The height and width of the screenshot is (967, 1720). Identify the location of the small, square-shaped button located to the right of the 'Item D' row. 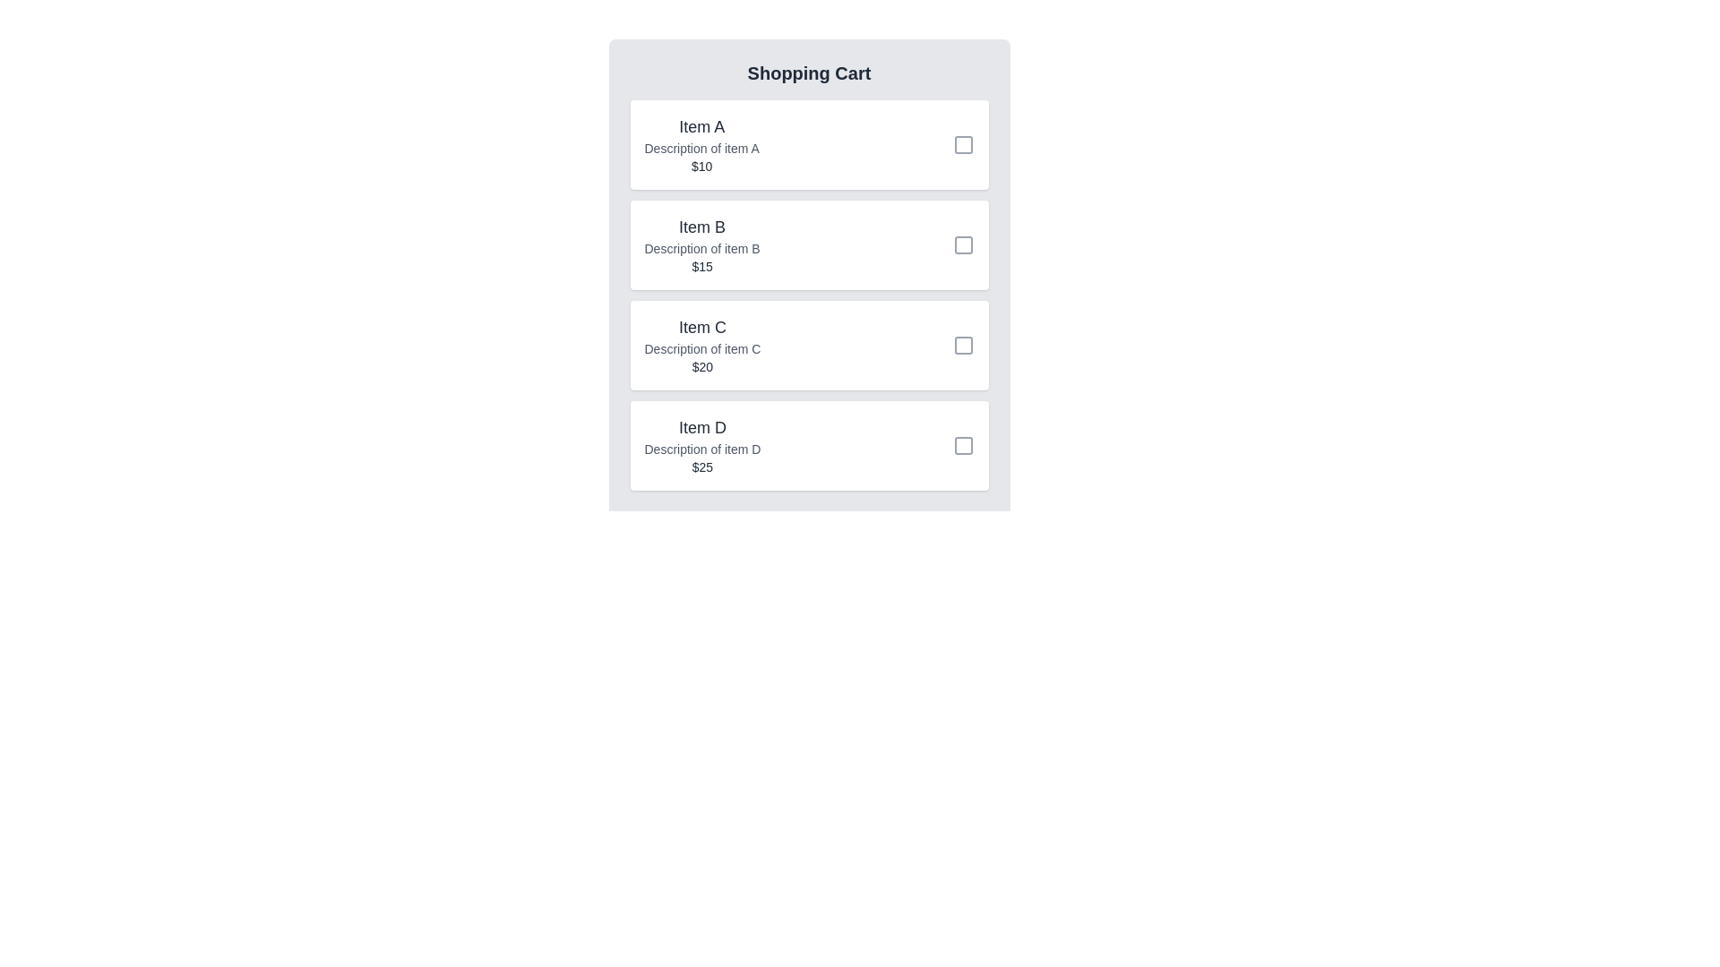
(962, 444).